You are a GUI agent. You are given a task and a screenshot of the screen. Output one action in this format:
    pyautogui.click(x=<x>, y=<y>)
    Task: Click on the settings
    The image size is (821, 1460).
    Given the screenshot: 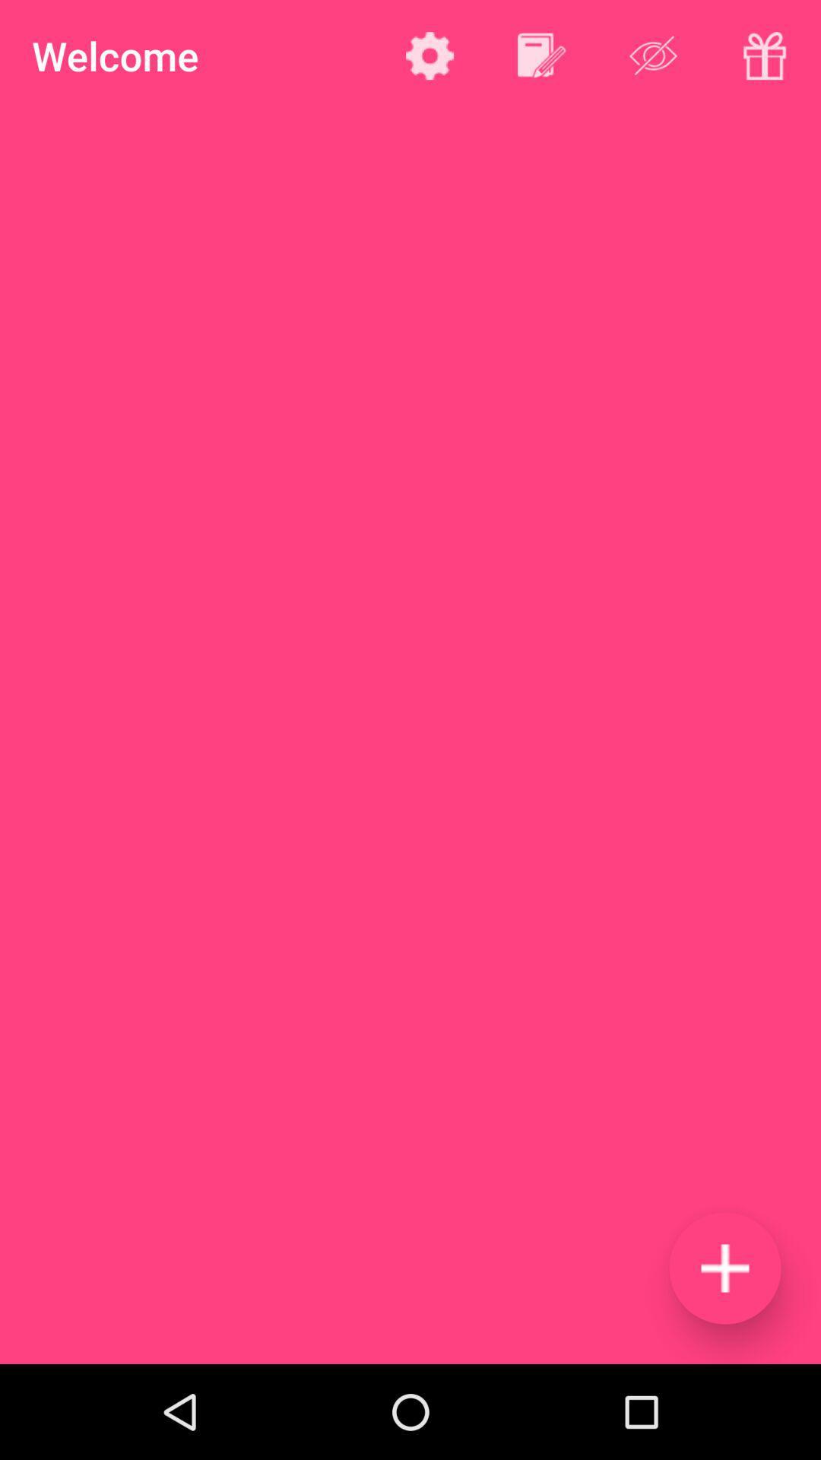 What is the action you would take?
    pyautogui.click(x=430, y=56)
    